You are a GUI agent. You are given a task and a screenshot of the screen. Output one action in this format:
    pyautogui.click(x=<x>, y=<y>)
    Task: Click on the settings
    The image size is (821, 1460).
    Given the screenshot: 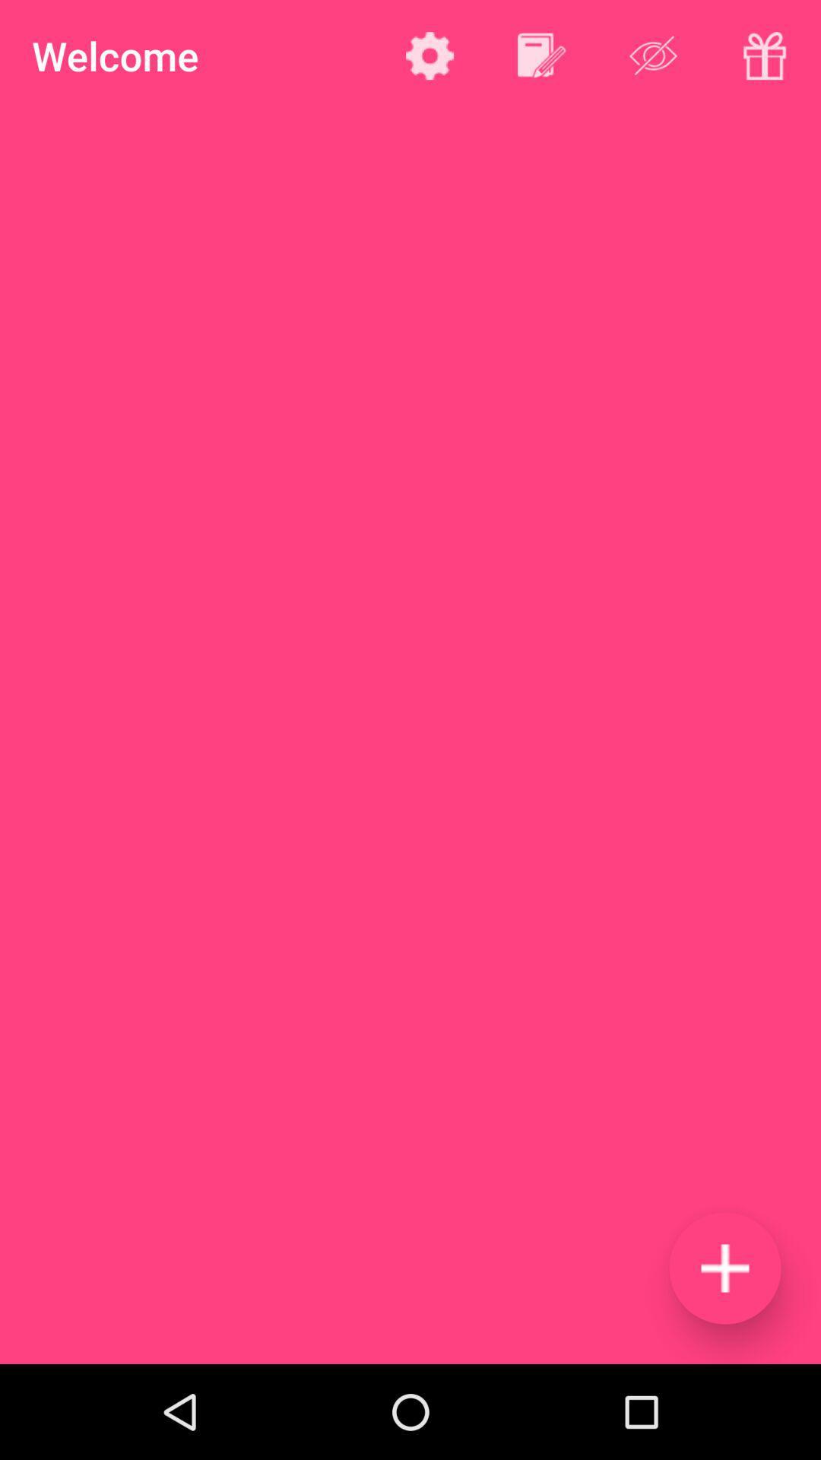 What is the action you would take?
    pyautogui.click(x=430, y=56)
    